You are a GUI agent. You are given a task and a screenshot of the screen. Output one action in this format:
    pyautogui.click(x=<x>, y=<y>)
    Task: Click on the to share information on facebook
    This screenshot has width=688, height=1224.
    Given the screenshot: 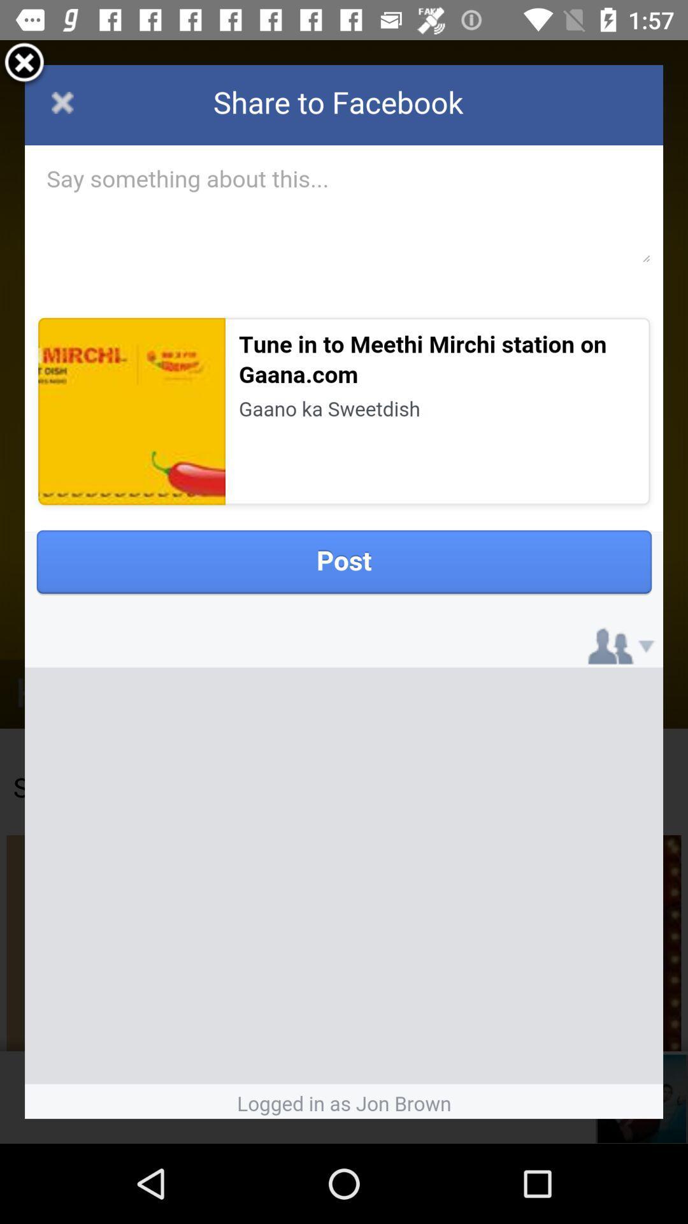 What is the action you would take?
    pyautogui.click(x=344, y=591)
    